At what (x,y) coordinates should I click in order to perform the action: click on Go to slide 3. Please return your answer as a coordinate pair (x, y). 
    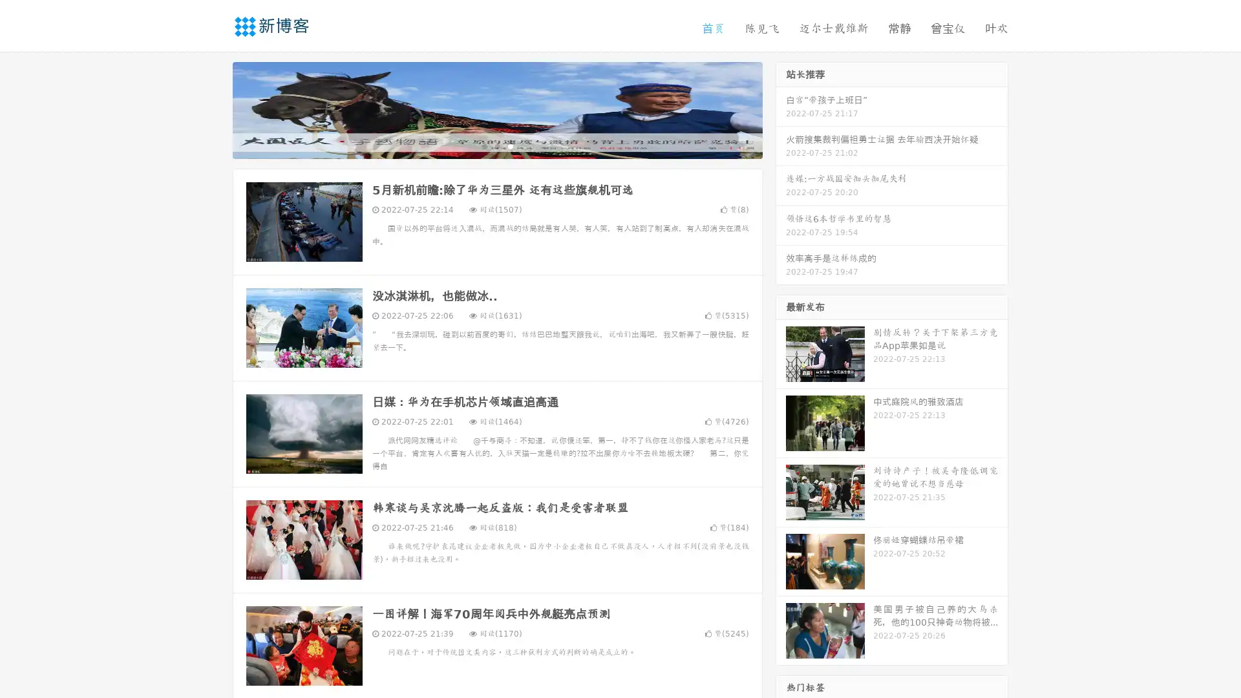
    Looking at the image, I should click on (510, 145).